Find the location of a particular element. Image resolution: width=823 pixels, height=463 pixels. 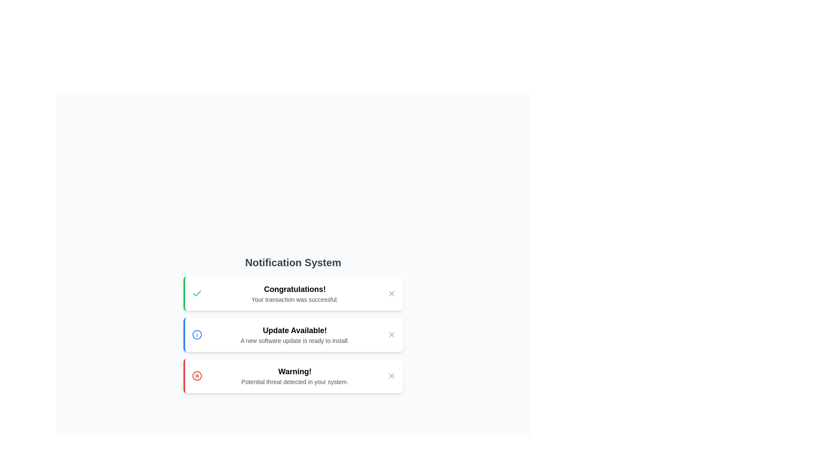

the close icon button located on the far right side of the notification that displays 'Congratulations! Your transaction was successful.' is located at coordinates (391, 293).